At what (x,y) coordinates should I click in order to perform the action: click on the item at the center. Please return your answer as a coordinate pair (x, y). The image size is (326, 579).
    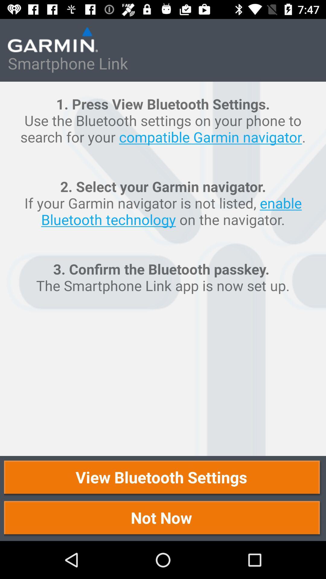
    Looking at the image, I should click on (163, 268).